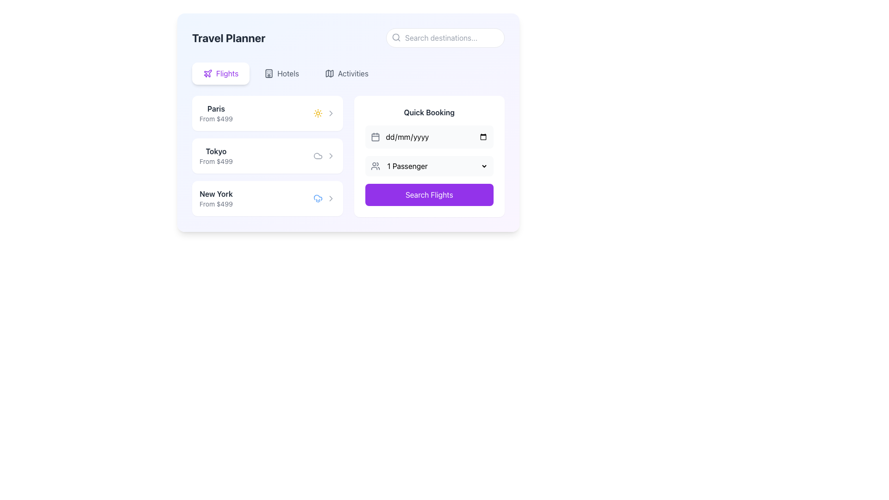 The height and width of the screenshot is (500, 889). What do you see at coordinates (229, 37) in the screenshot?
I see `the static text element displaying 'Travel Planner' in bold, large font at the top-left of the interface` at bounding box center [229, 37].